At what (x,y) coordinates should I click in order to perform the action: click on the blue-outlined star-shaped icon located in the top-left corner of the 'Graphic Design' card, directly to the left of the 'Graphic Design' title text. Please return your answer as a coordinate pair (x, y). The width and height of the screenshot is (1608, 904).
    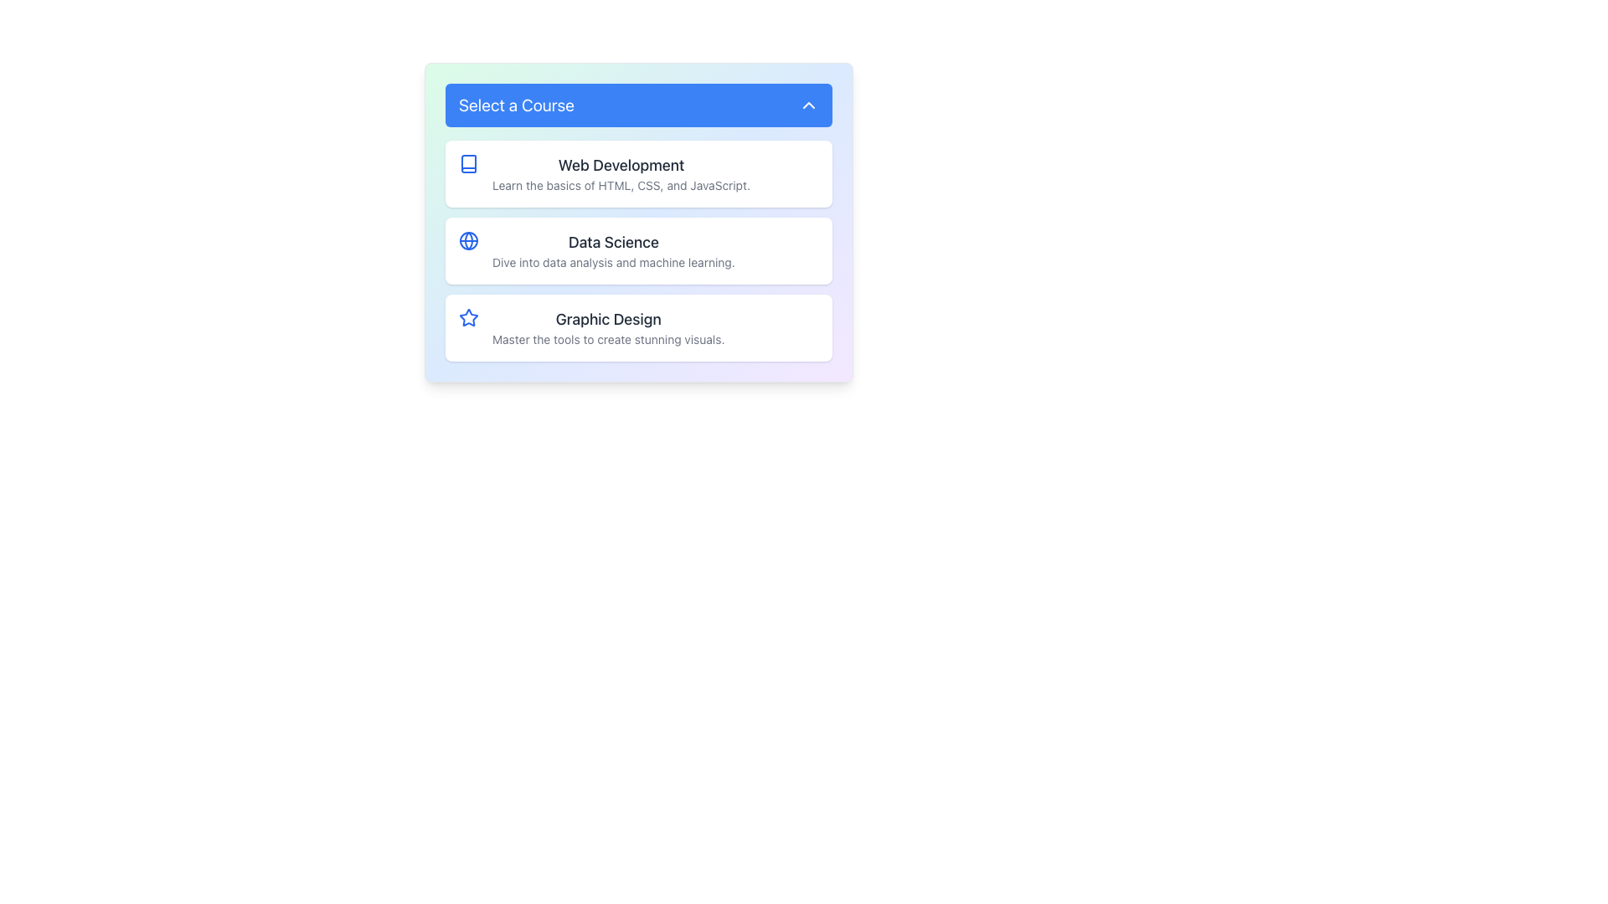
    Looking at the image, I should click on (469, 318).